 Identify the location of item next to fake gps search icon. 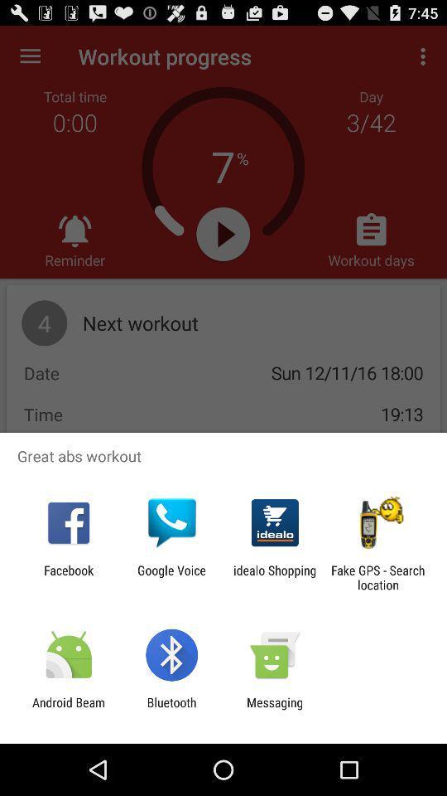
(275, 577).